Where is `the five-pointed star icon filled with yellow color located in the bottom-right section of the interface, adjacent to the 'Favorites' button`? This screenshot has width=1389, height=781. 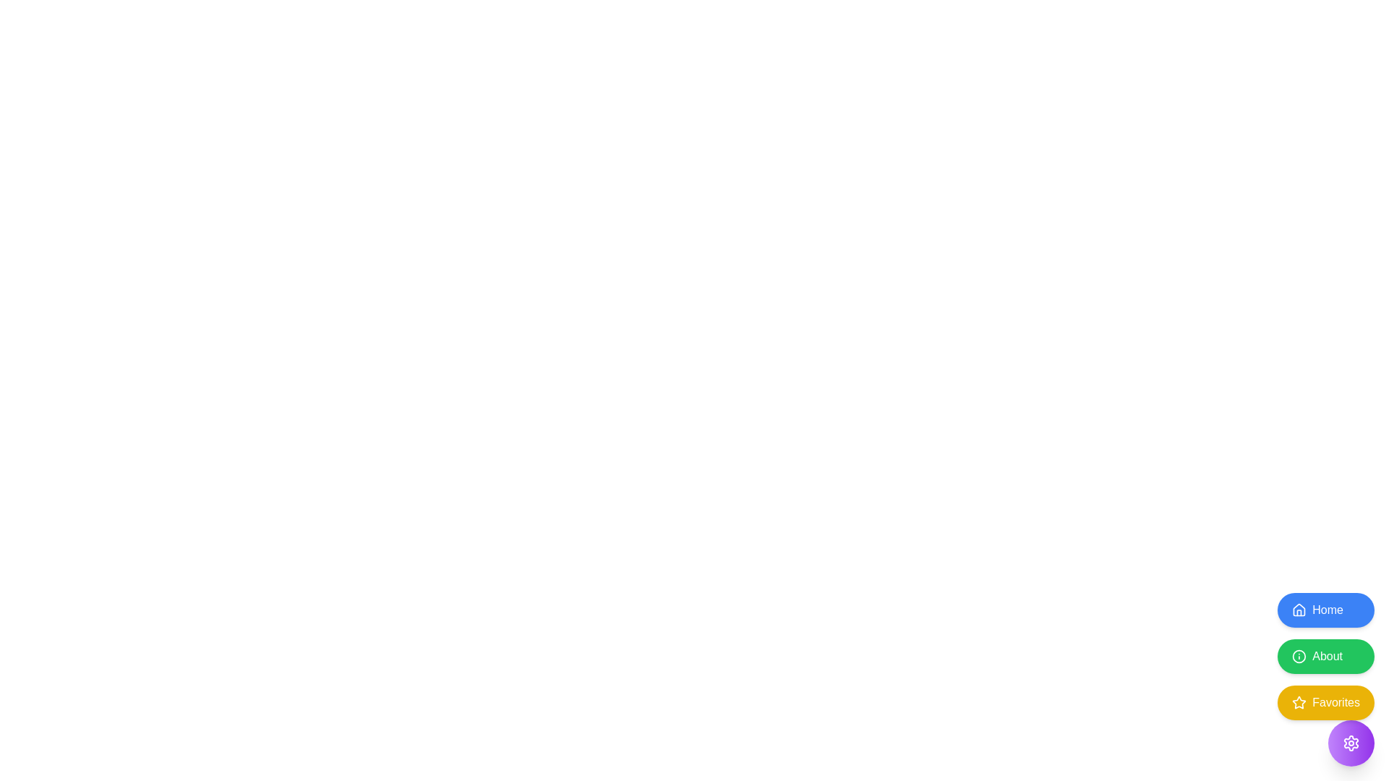
the five-pointed star icon filled with yellow color located in the bottom-right section of the interface, adjacent to the 'Favorites' button is located at coordinates (1299, 701).